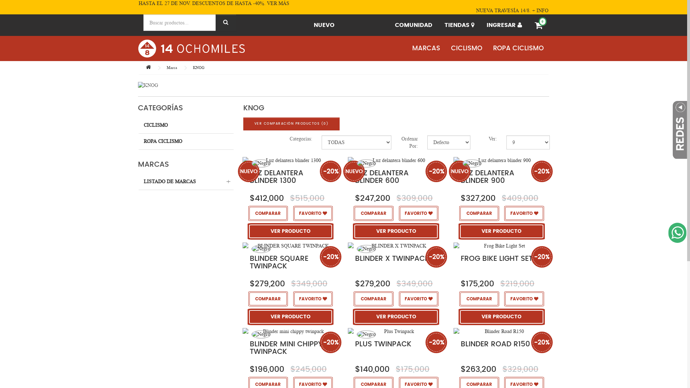  I want to click on 'Blinder Road R150', so click(501, 331).